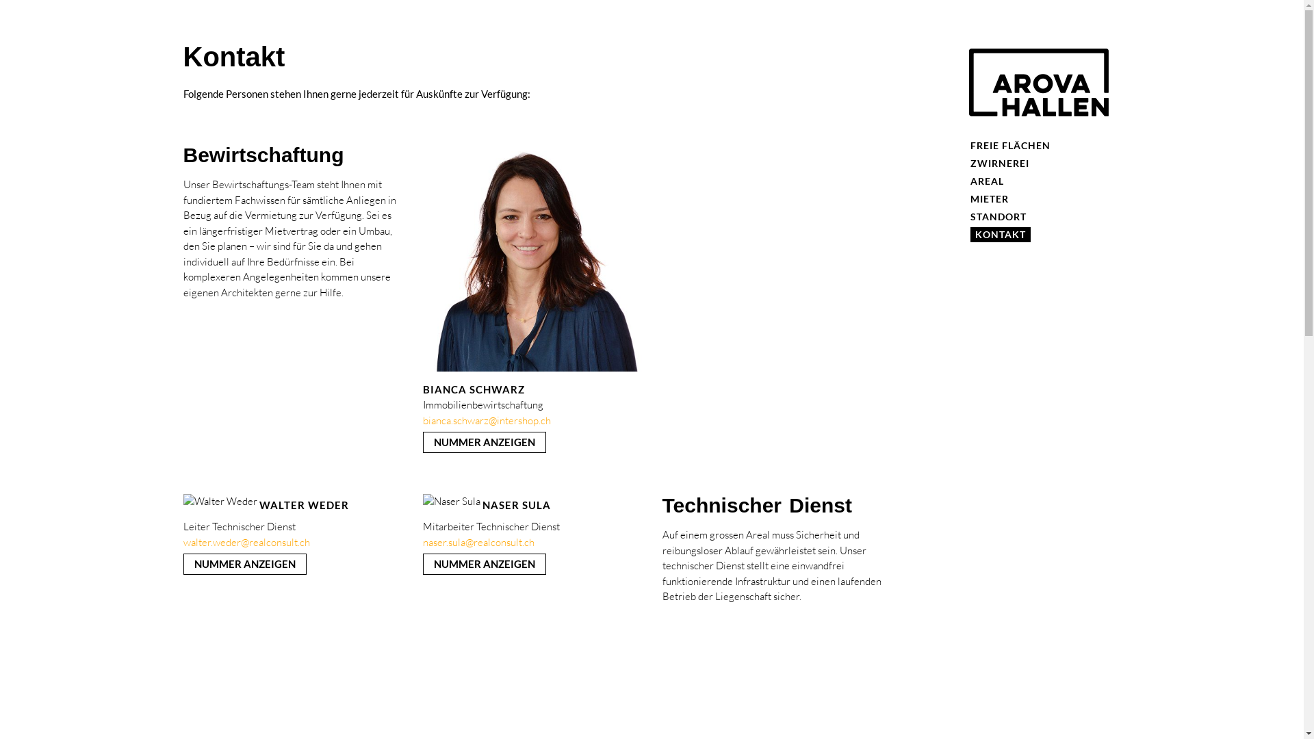 This screenshot has width=1314, height=739. I want to click on 'ZWIRNEREI', so click(999, 163).